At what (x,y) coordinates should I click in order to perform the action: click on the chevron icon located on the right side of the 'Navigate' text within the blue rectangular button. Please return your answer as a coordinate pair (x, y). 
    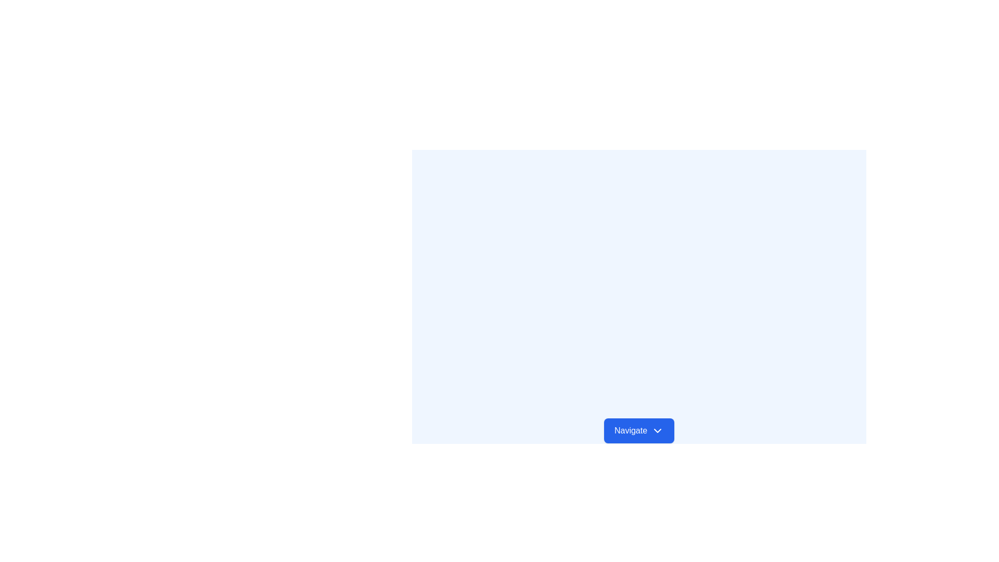
    Looking at the image, I should click on (657, 431).